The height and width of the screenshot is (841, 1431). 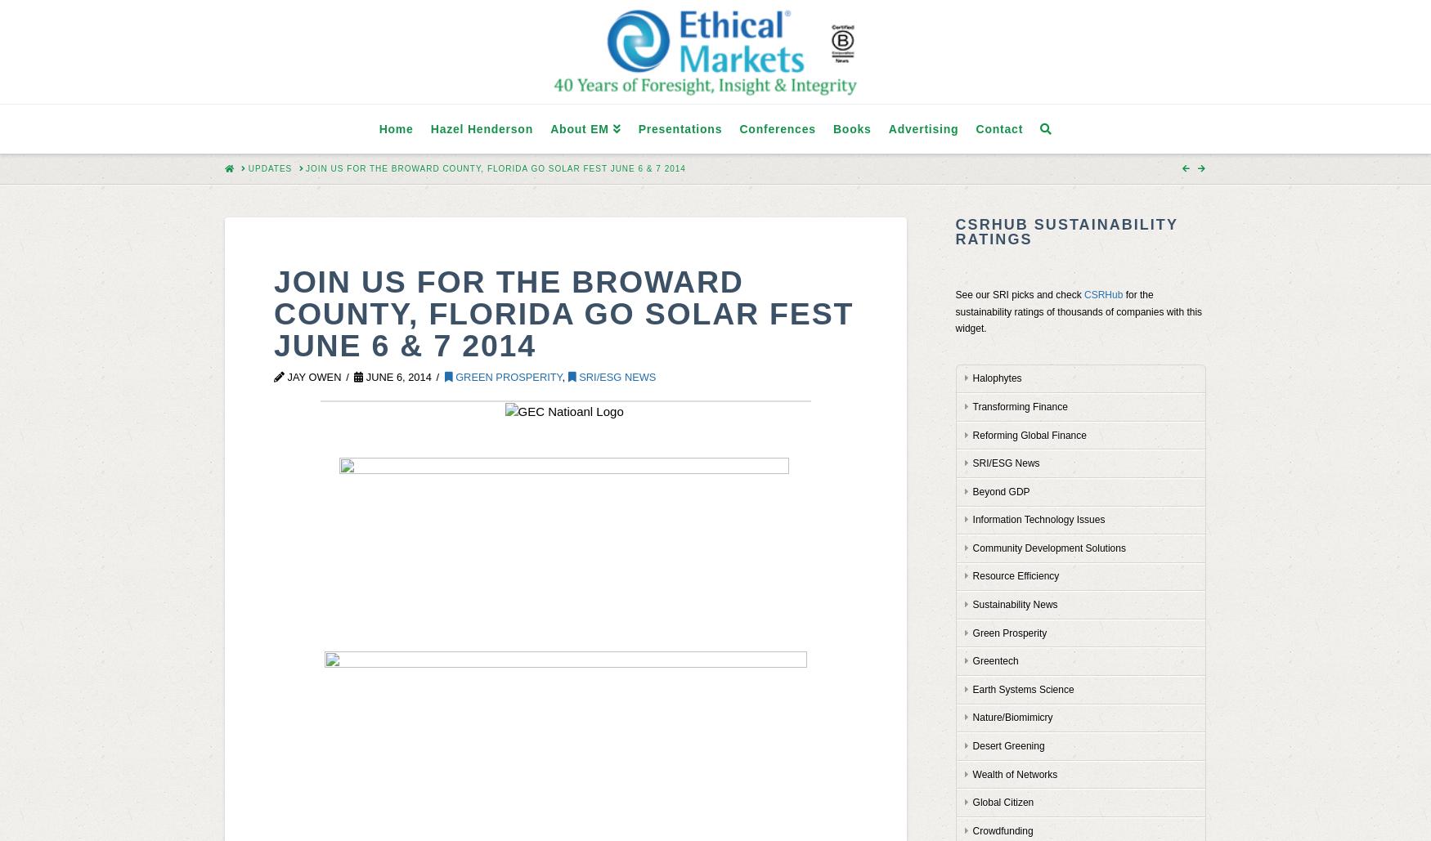 I want to click on 'Transforming Finance', so click(x=971, y=406).